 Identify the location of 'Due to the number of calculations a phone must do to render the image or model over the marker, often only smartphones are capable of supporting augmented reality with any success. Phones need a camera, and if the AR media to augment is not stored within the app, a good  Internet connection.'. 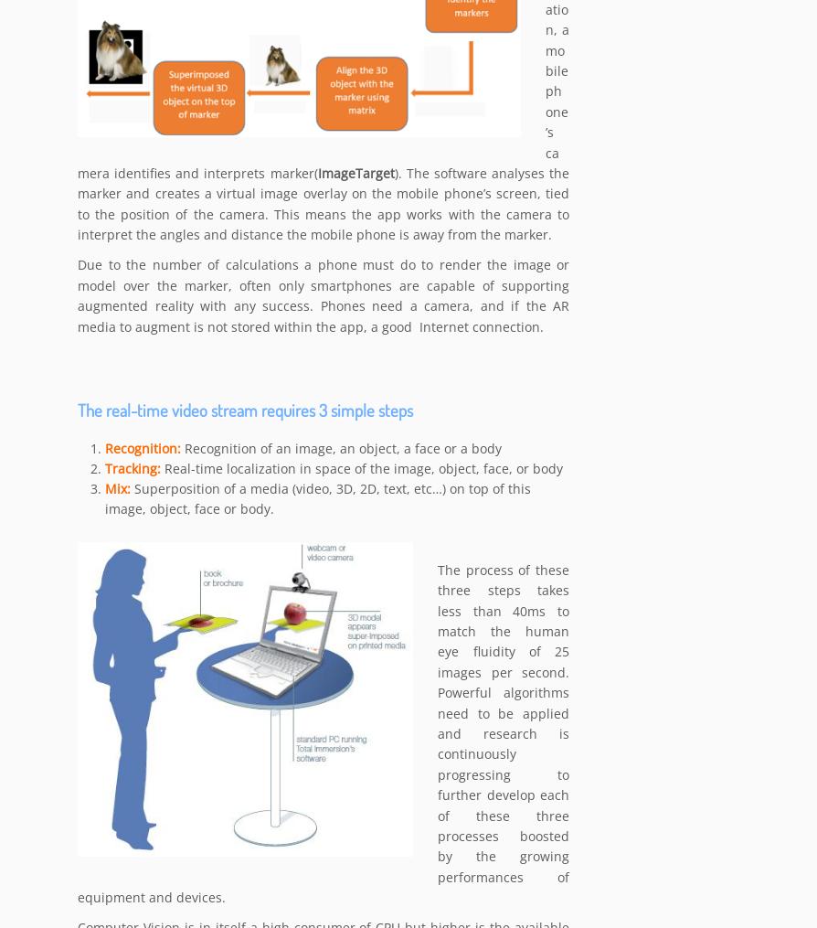
(323, 296).